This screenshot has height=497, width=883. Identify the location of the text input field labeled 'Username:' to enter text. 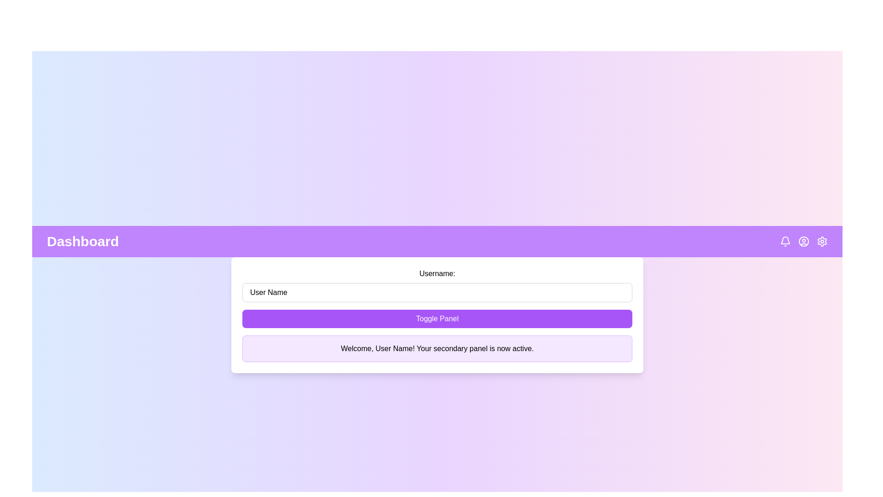
(436, 285).